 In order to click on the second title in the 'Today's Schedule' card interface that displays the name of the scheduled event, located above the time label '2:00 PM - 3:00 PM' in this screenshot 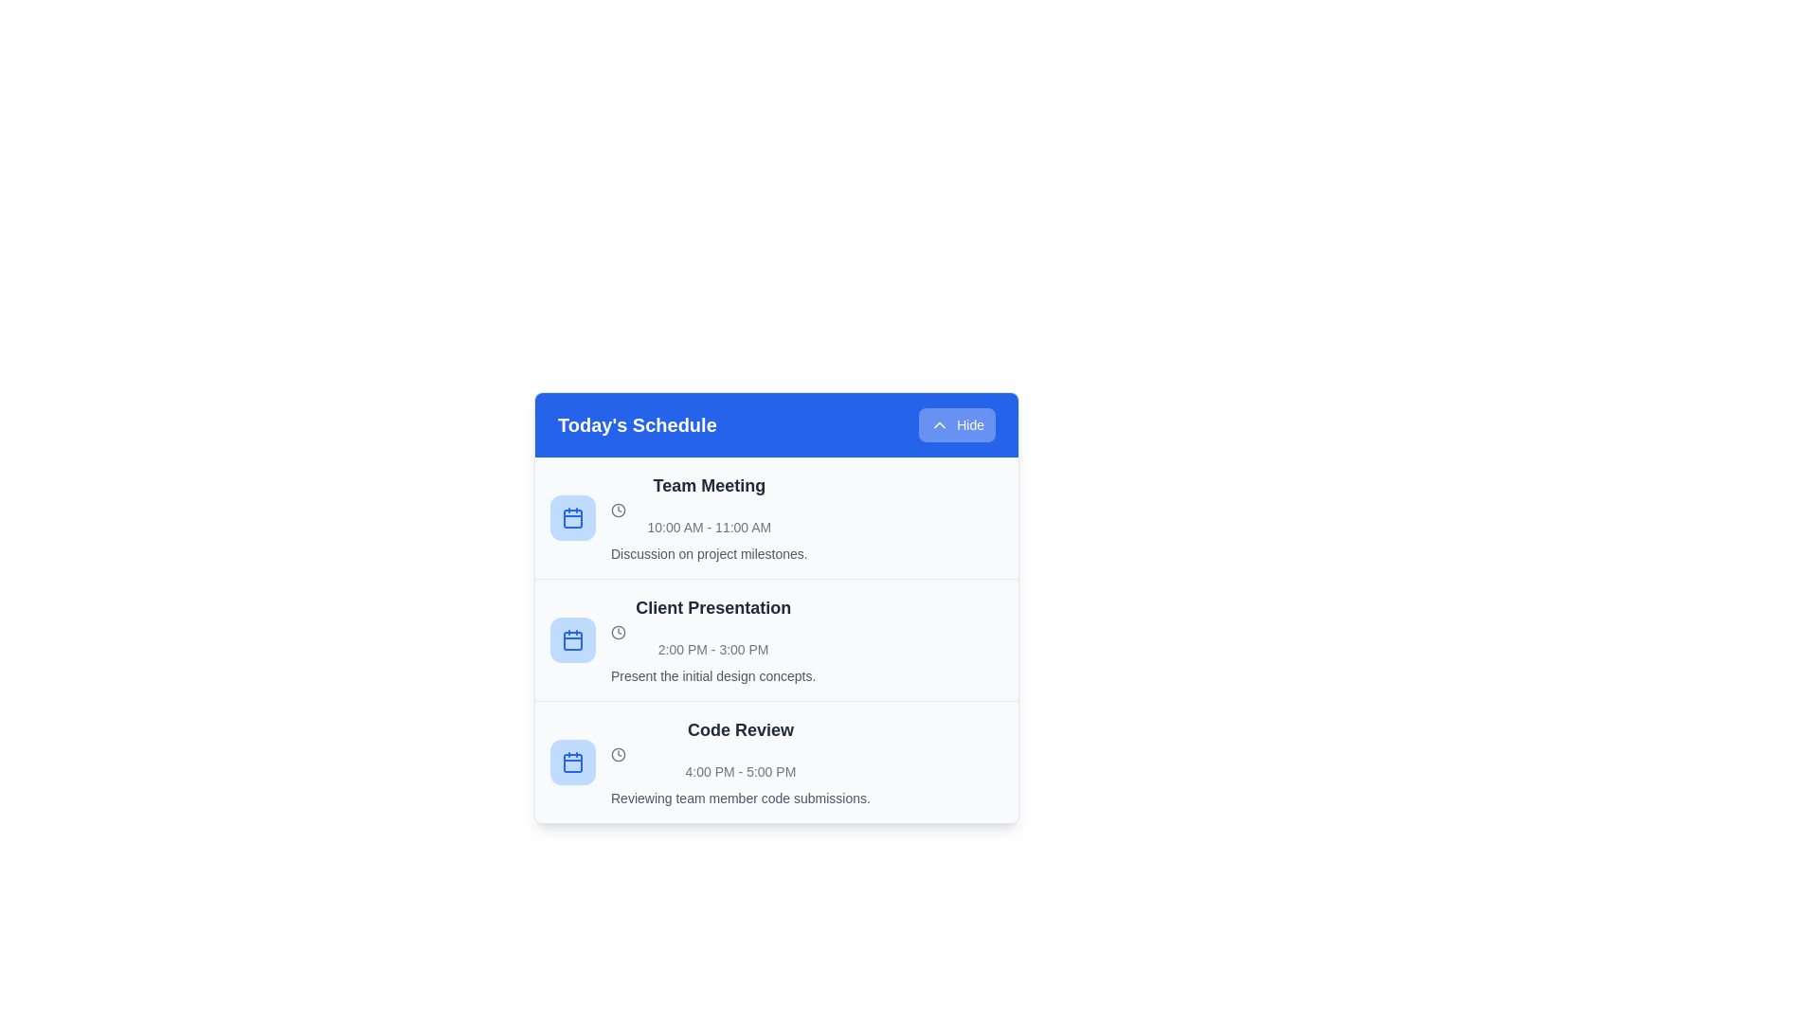, I will do `click(712, 607)`.